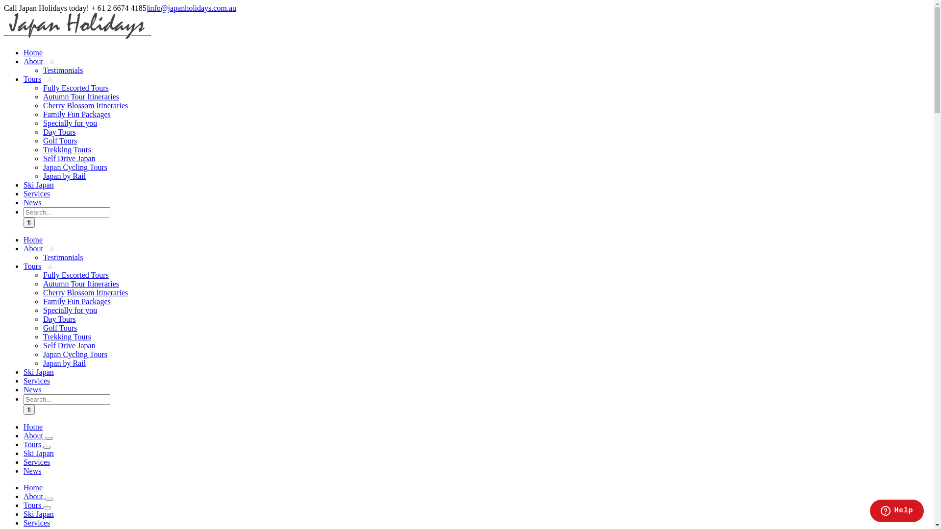 This screenshot has width=941, height=529. Describe the element at coordinates (42, 122) in the screenshot. I see `'Specially for you'` at that location.